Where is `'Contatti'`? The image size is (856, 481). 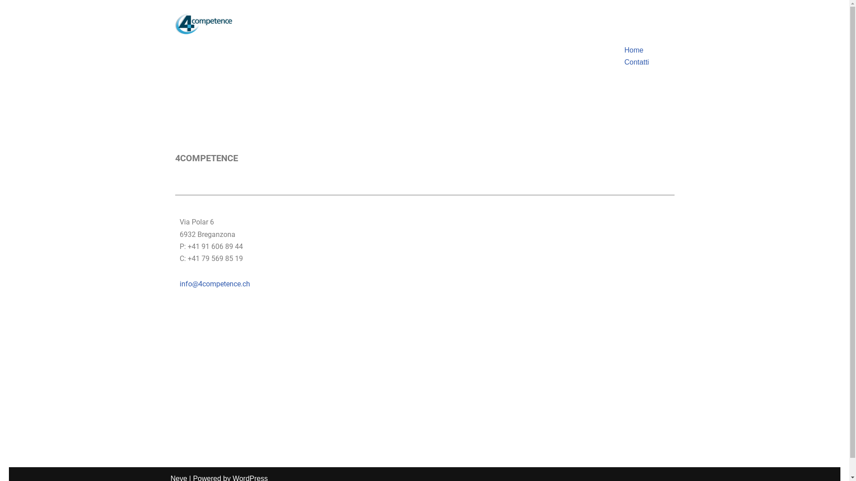 'Contatti' is located at coordinates (636, 61).